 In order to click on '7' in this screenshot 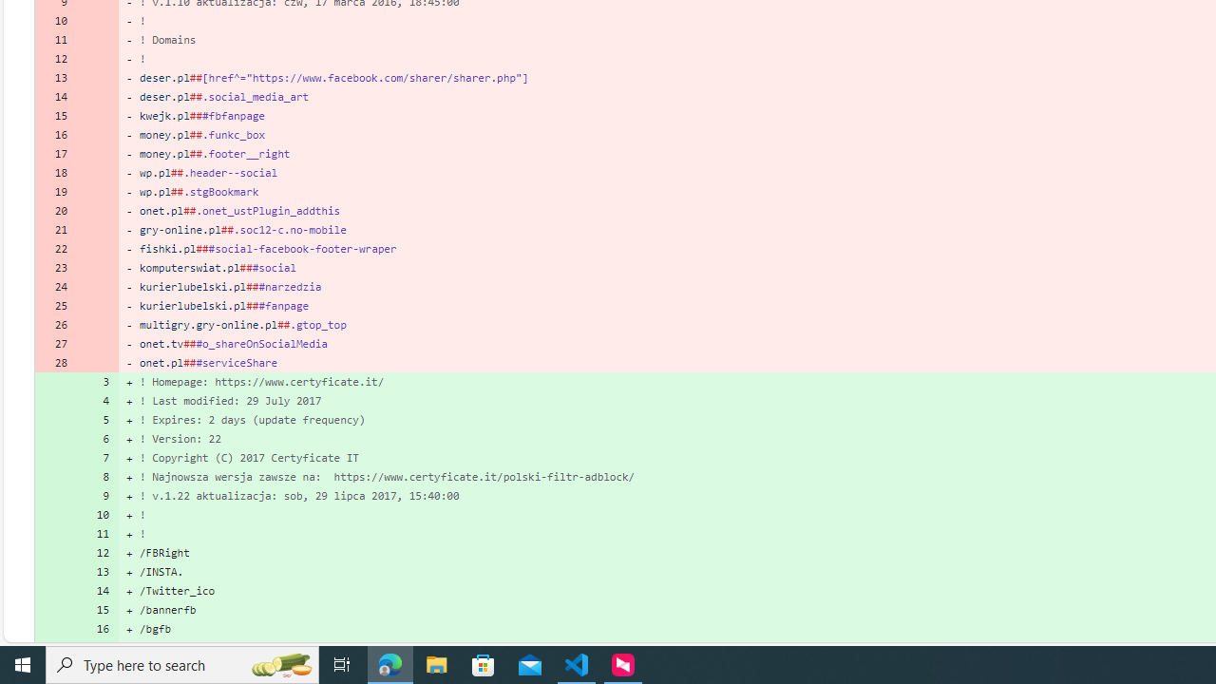, I will do `click(97, 458)`.